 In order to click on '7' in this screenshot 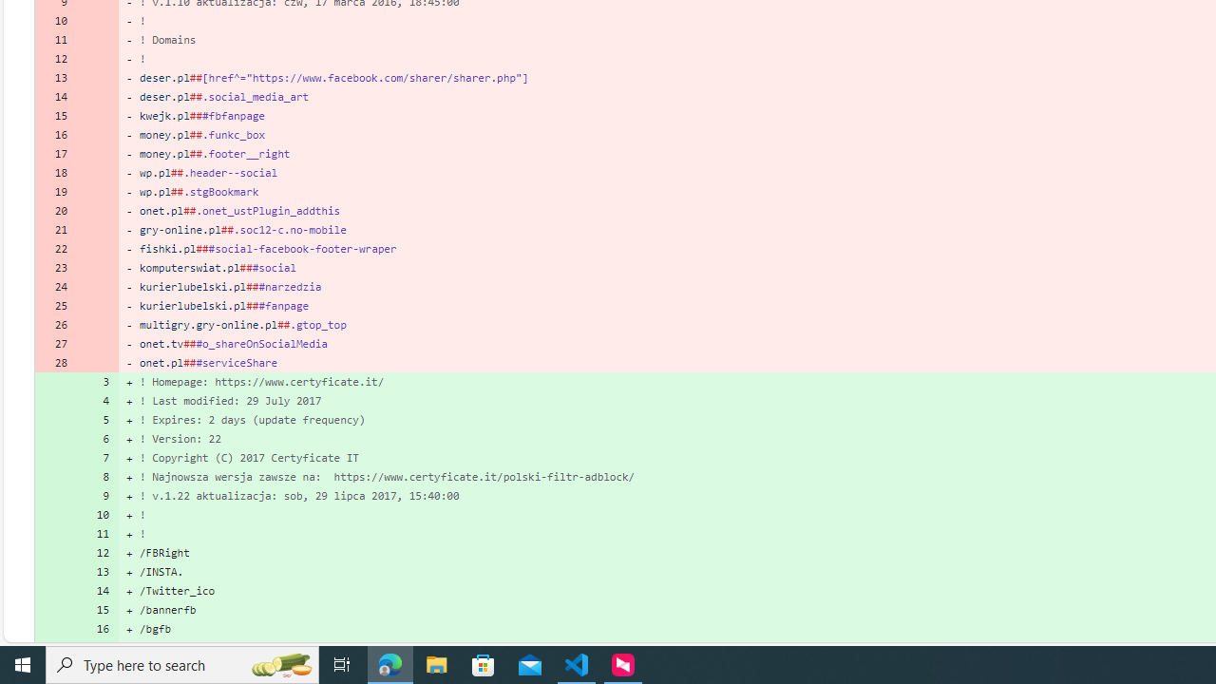, I will do `click(97, 458)`.